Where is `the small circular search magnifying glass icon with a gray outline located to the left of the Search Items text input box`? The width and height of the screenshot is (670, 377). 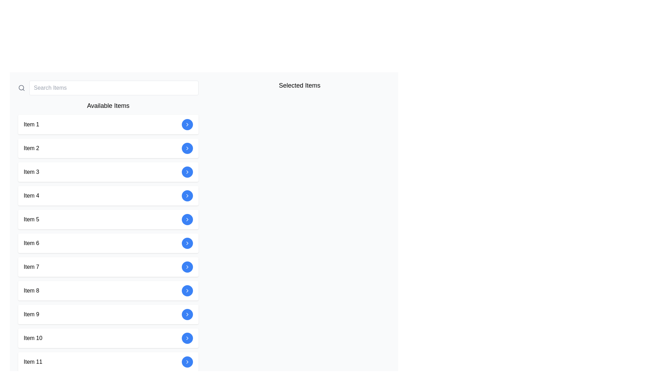
the small circular search magnifying glass icon with a gray outline located to the left of the Search Items text input box is located at coordinates (22, 87).